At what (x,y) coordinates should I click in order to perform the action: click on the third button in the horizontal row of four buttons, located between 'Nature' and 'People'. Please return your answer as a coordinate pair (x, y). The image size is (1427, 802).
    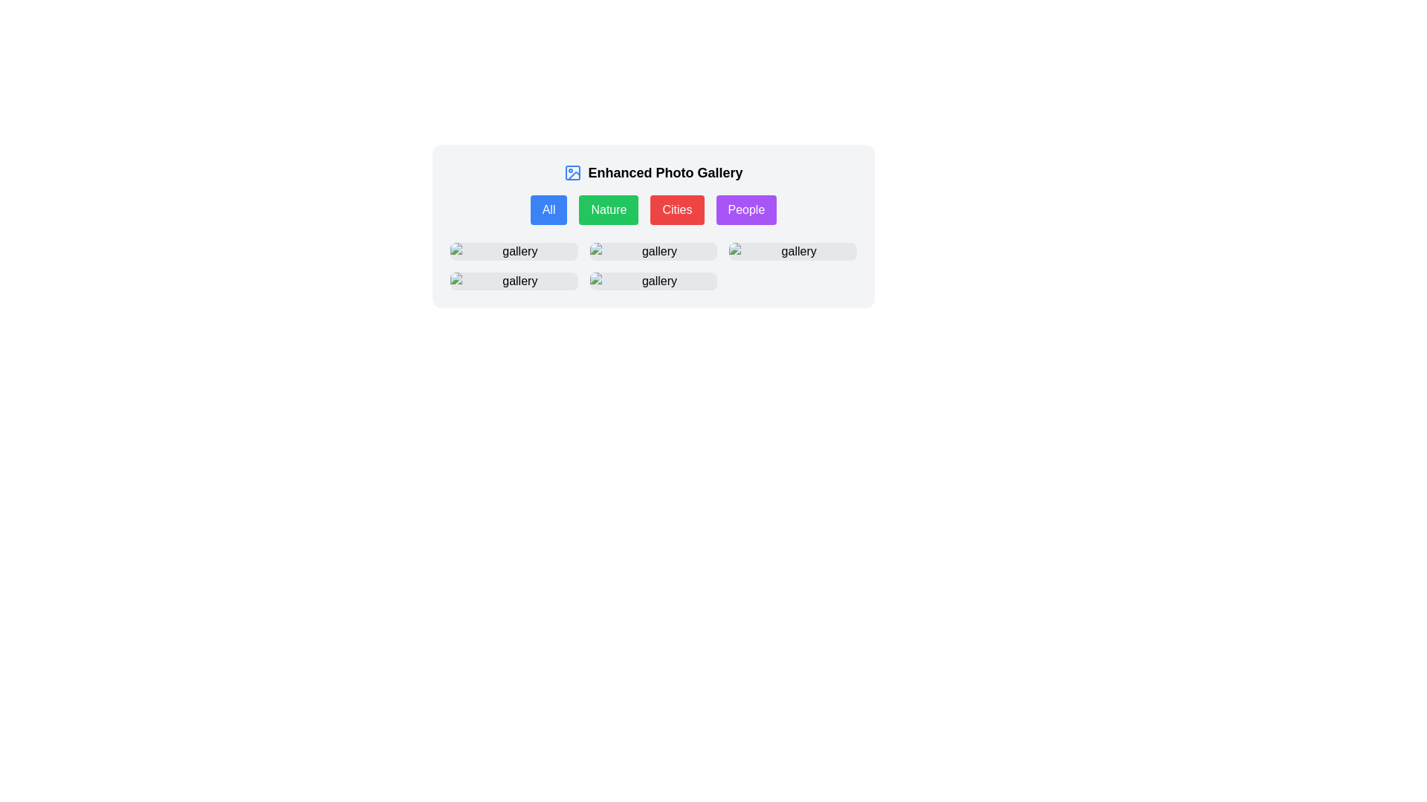
    Looking at the image, I should click on (676, 209).